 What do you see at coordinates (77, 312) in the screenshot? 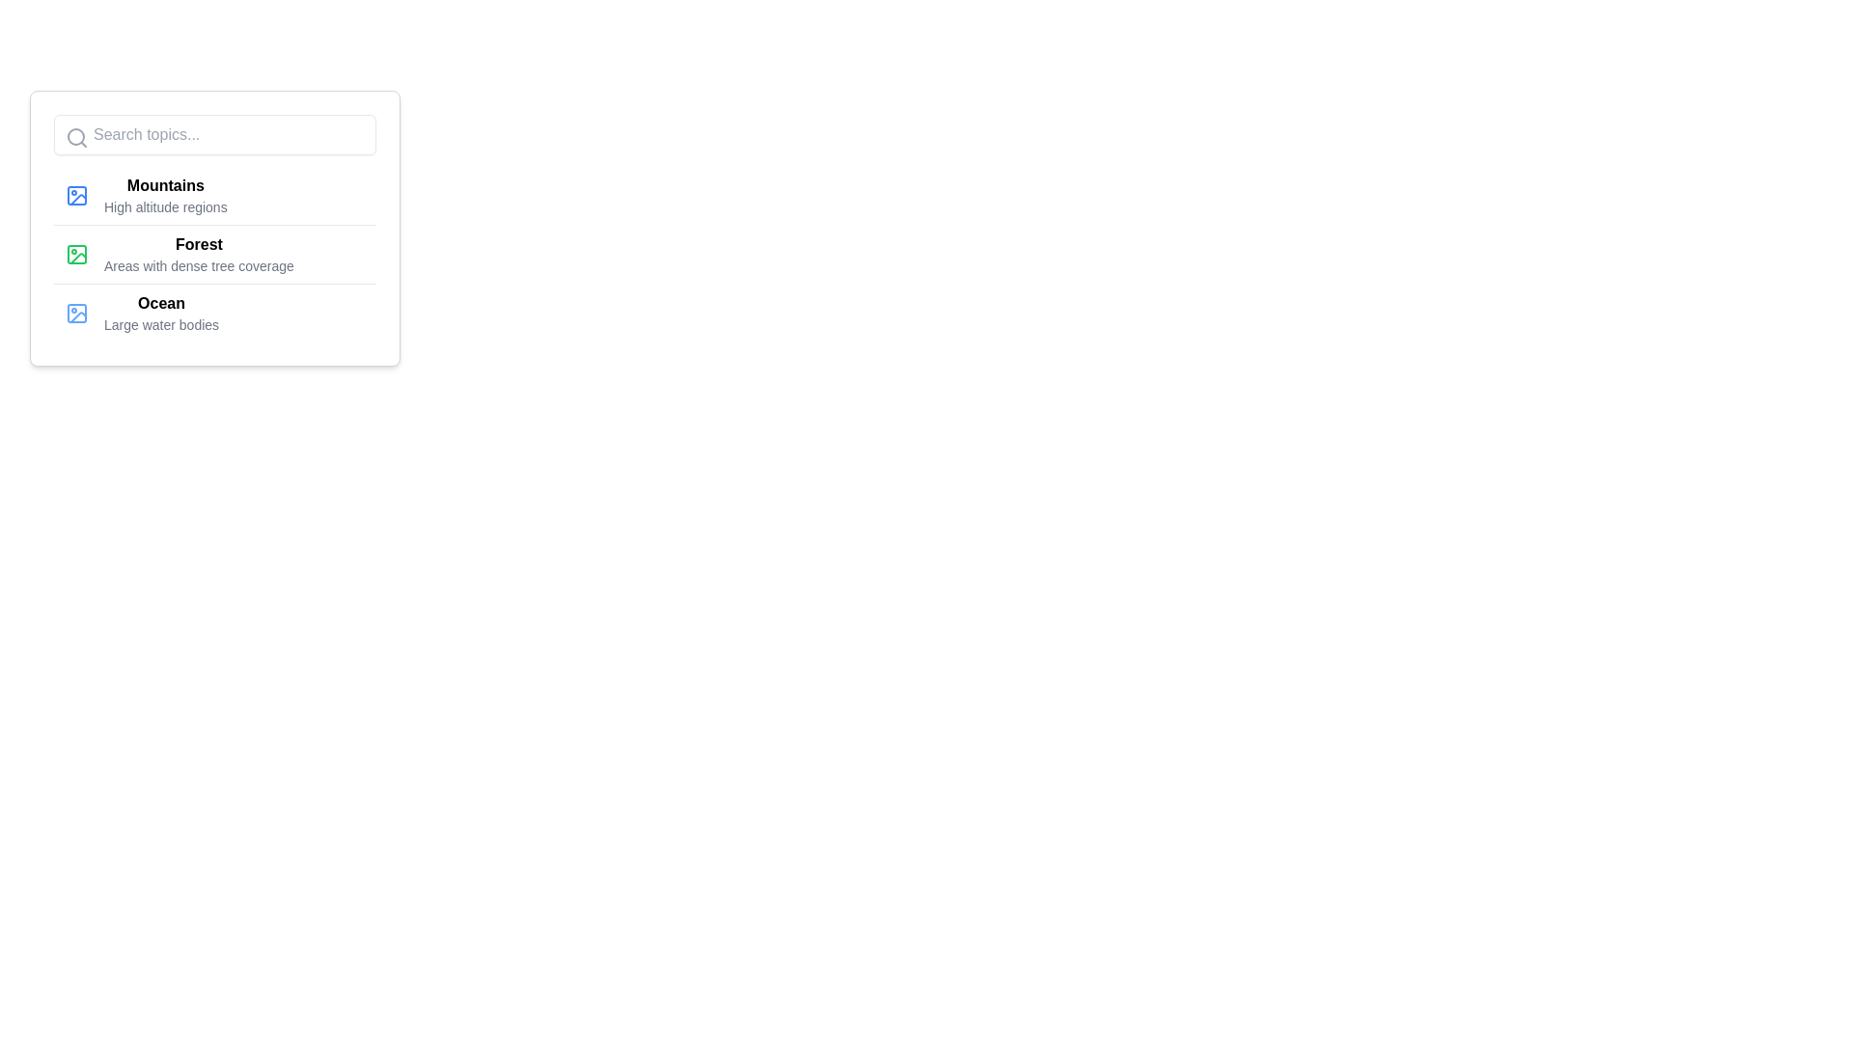
I see `the 'Ocean' category icon located at the beginning of the horizontal layout, to the left of the text label 'Ocean'` at bounding box center [77, 312].